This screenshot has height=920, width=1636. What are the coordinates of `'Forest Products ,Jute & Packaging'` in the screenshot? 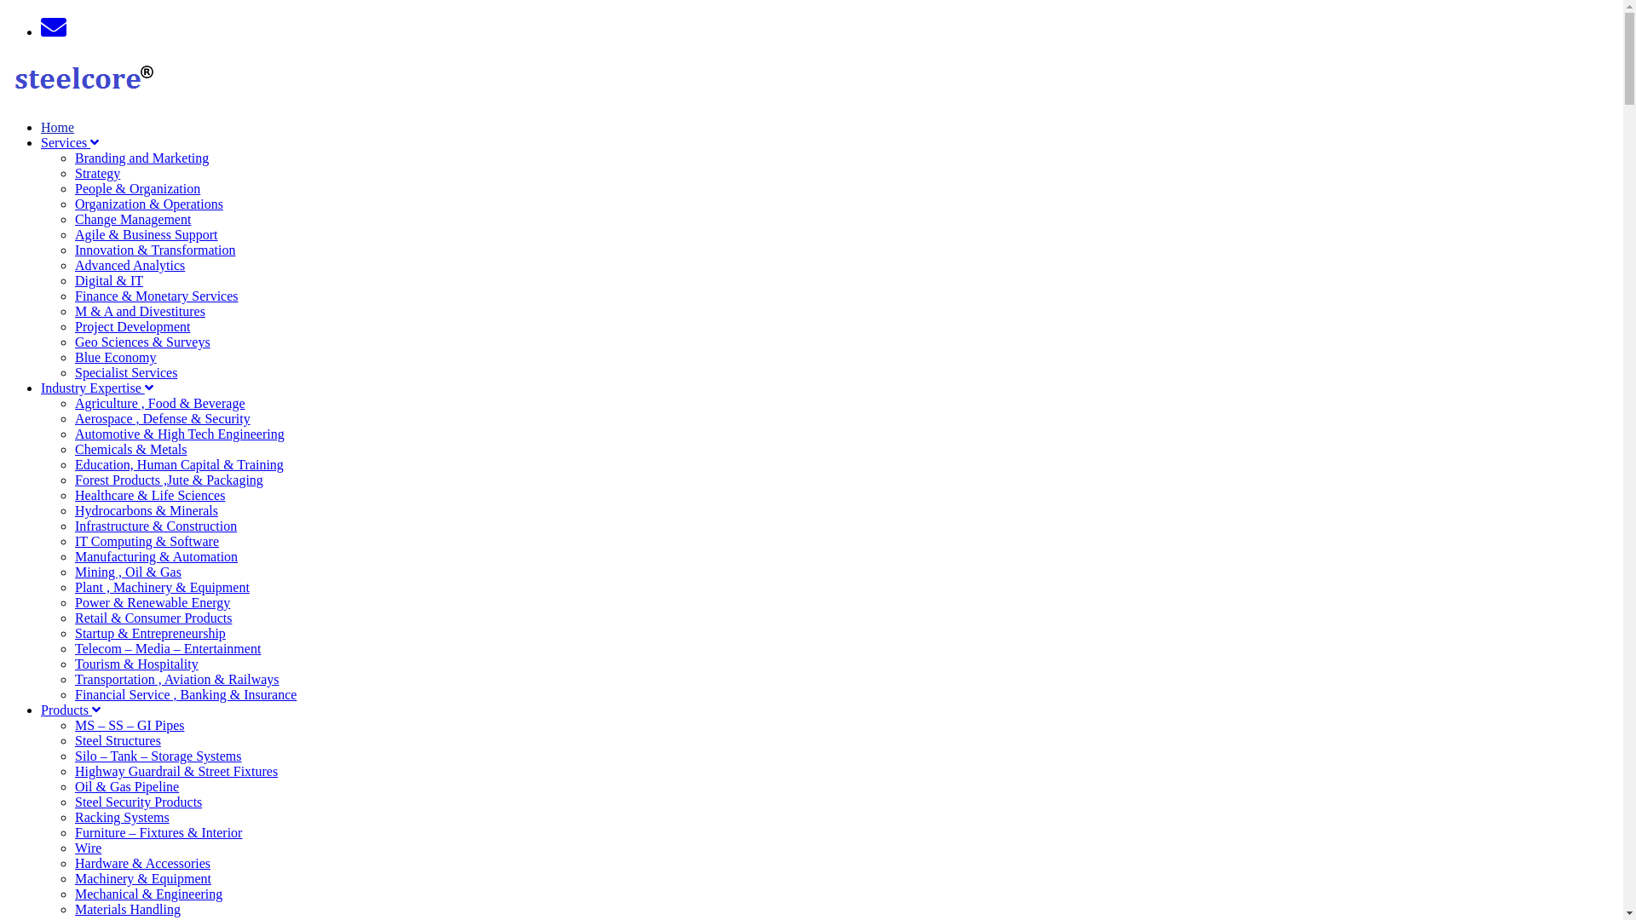 It's located at (169, 480).